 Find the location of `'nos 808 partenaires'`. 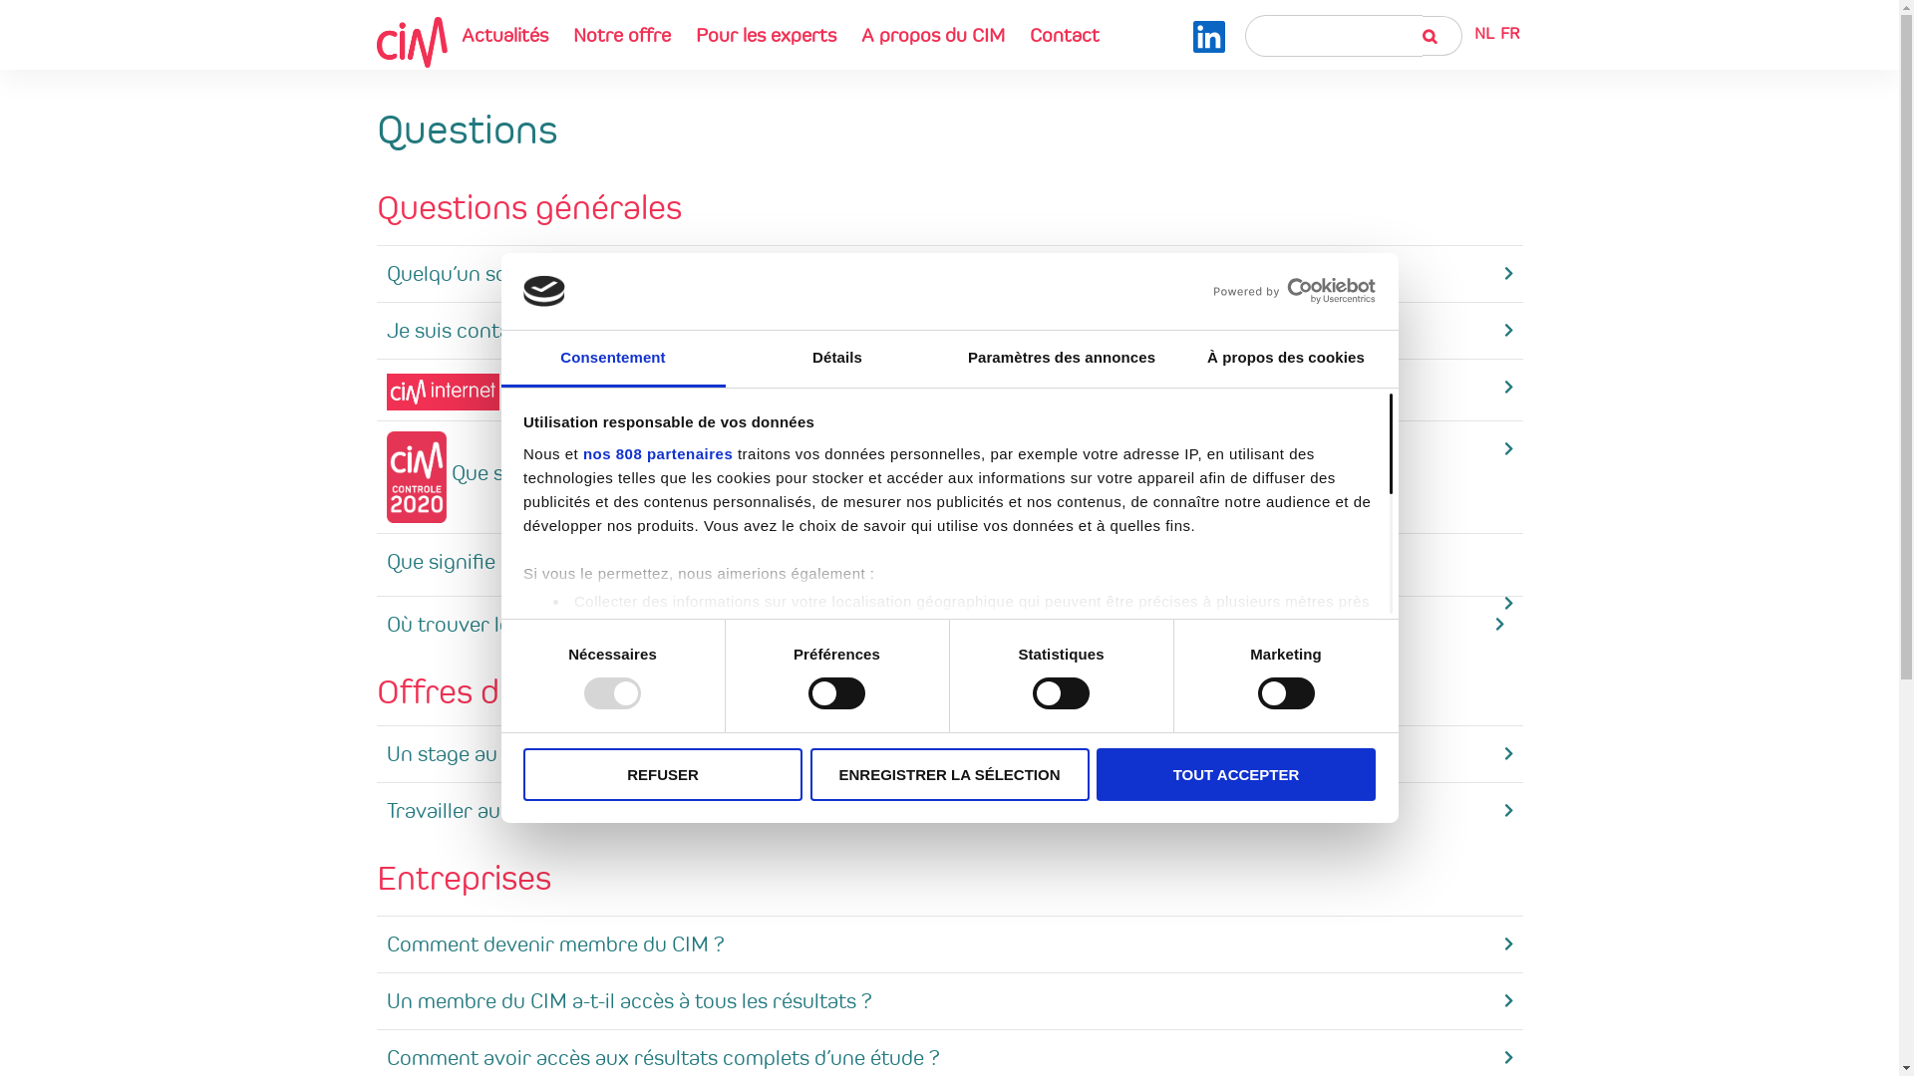

'nos 808 partenaires' is located at coordinates (658, 453).